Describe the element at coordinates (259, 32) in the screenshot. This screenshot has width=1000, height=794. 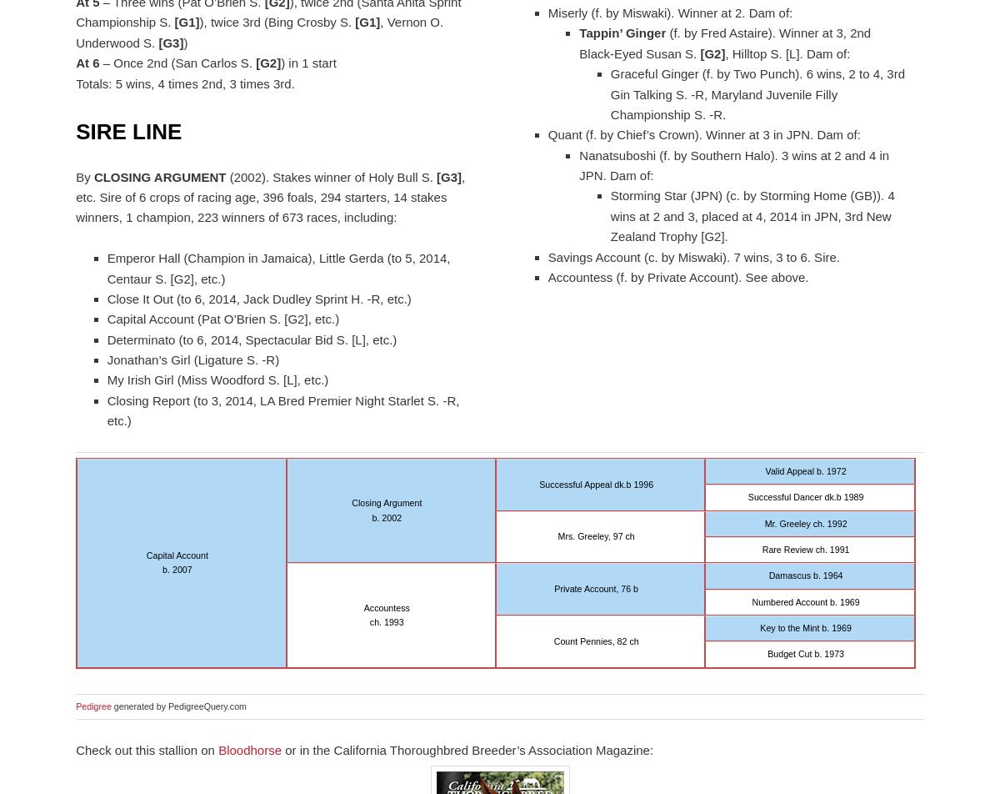
I see `', Vernon O. Underwood S.'` at that location.